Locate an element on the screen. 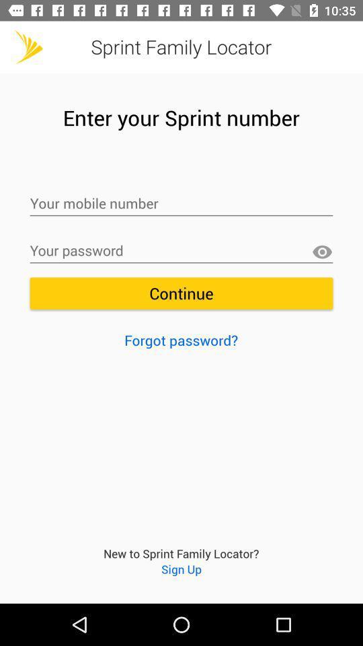 The width and height of the screenshot is (363, 646). mobile number is located at coordinates (182, 204).